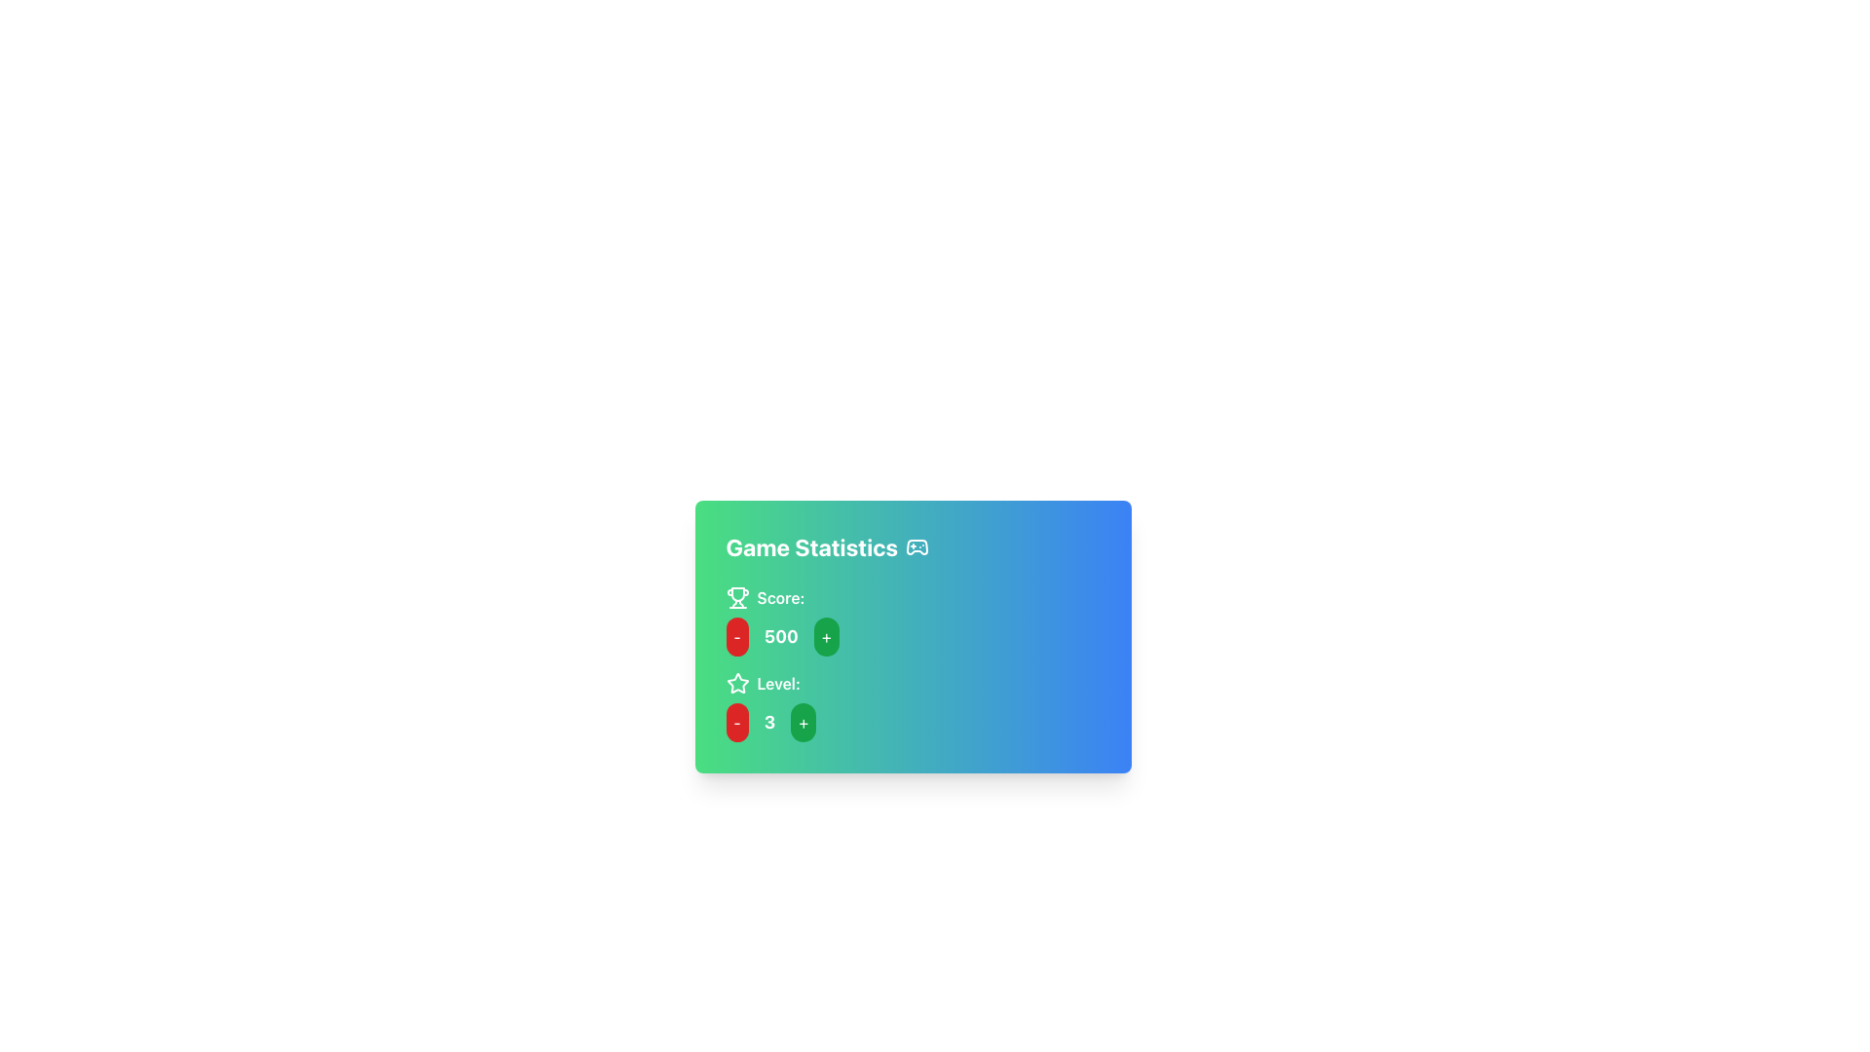 The height and width of the screenshot is (1052, 1870). Describe the element at coordinates (777, 683) in the screenshot. I see `the text label displaying 'Level:' which is located in the 'Game Statistics' section of the UI, positioned to the right of a star icon` at that location.